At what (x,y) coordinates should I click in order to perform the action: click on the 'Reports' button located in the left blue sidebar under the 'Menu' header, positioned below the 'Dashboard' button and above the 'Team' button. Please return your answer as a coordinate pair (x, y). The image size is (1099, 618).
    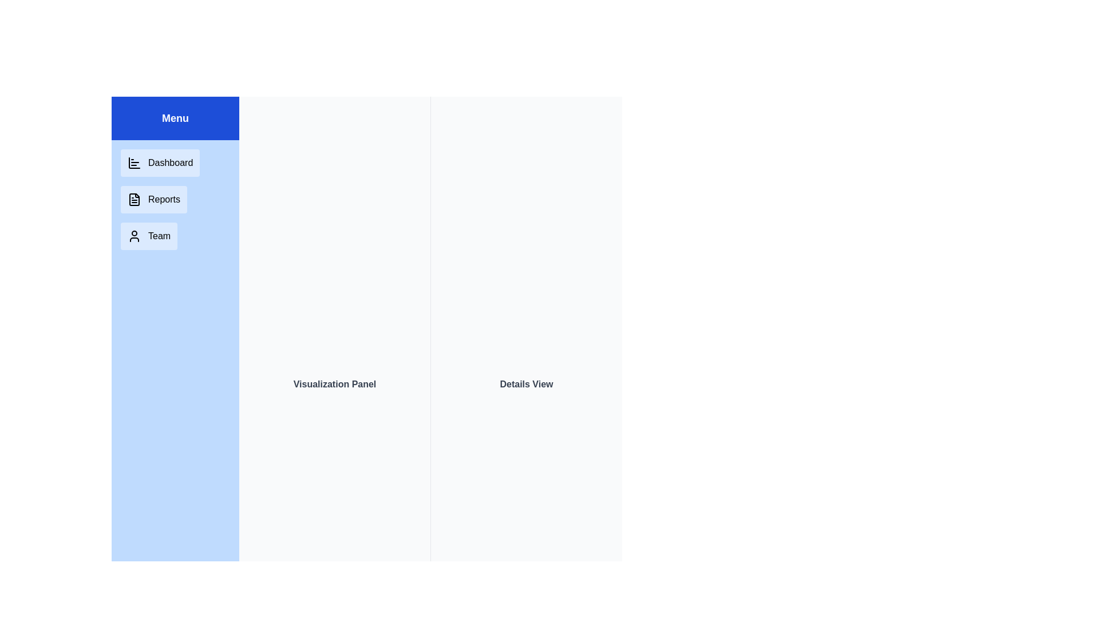
    Looking at the image, I should click on (153, 199).